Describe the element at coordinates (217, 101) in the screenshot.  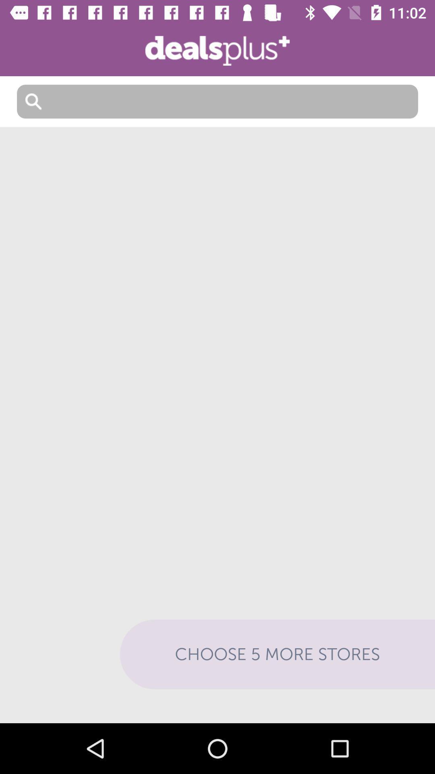
I see `search` at that location.